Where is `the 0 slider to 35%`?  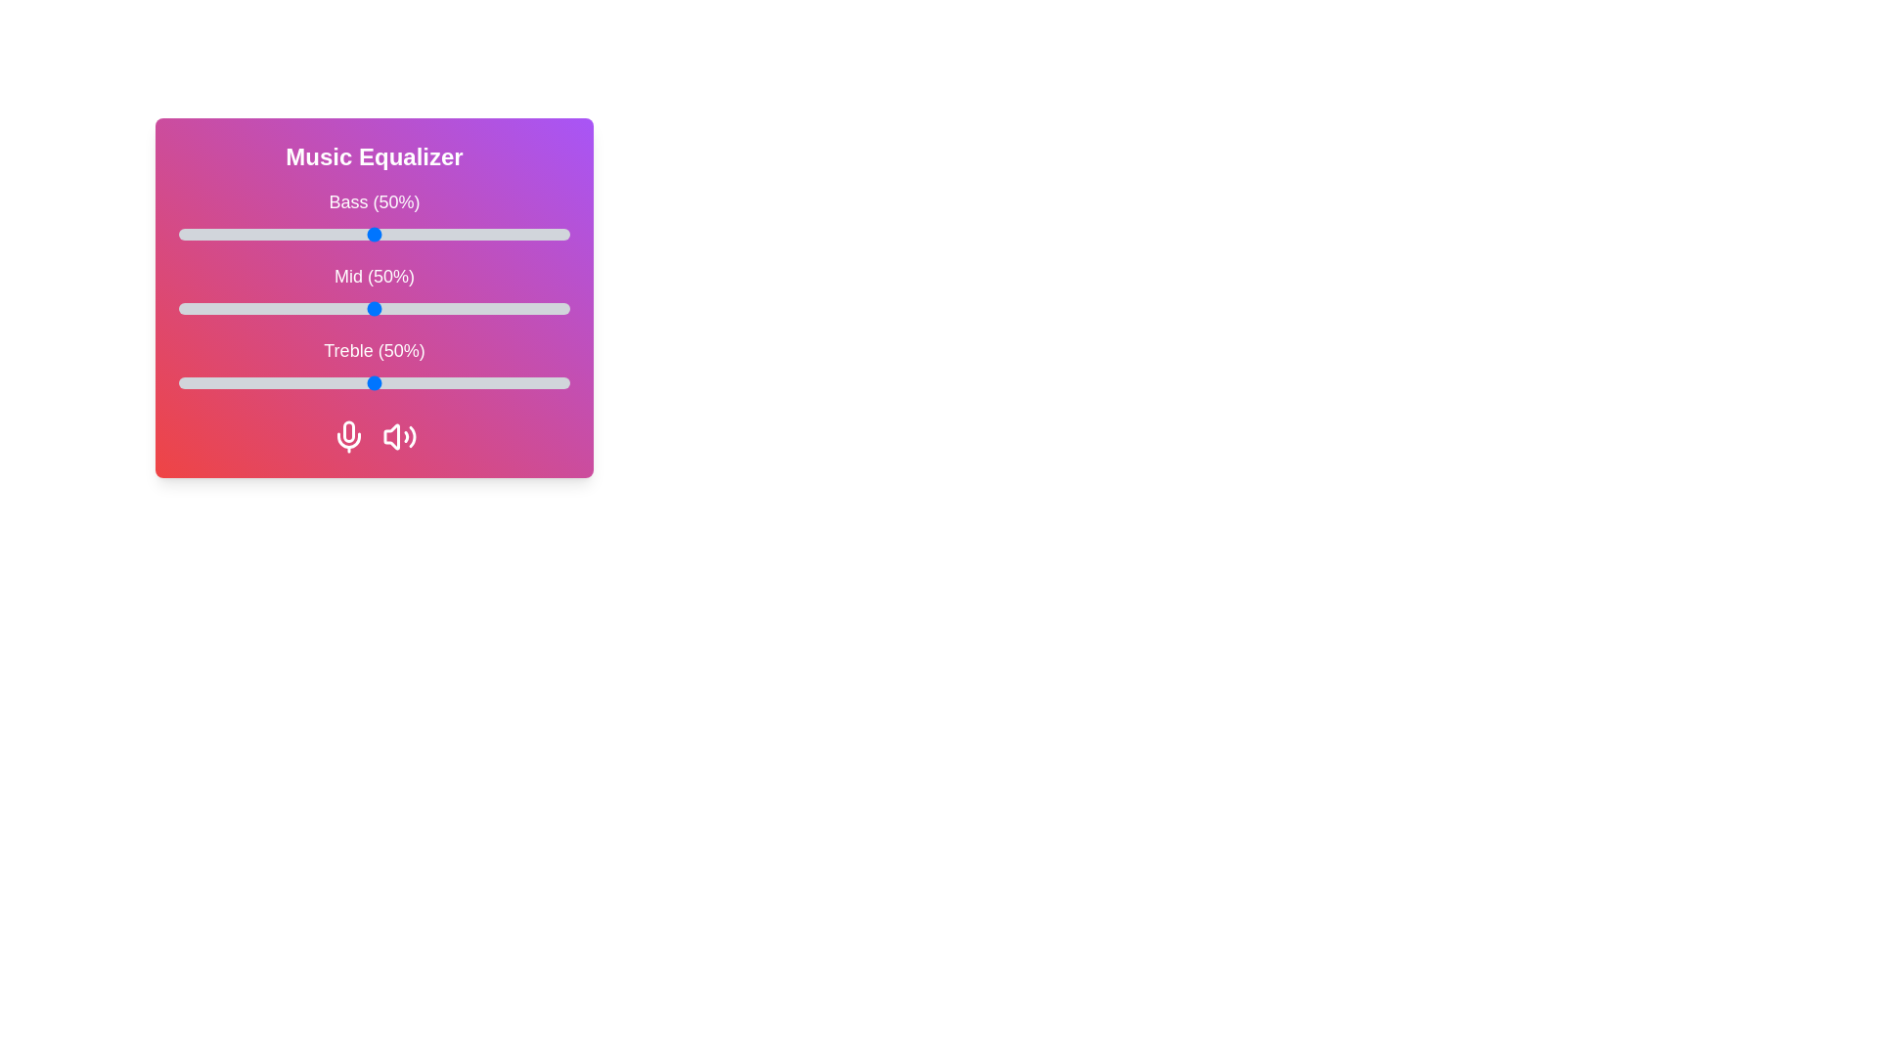
the 0 slider to 35% is located at coordinates (315, 233).